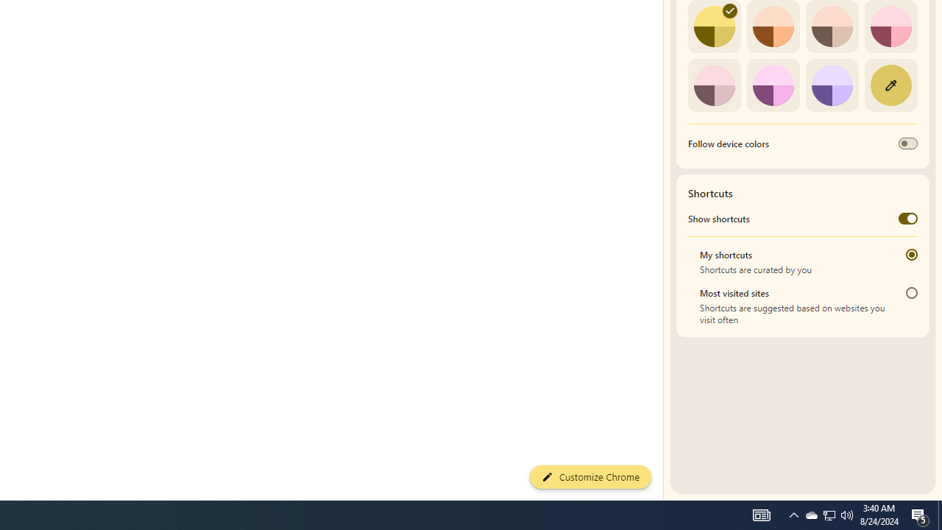 The image size is (942, 530). What do you see at coordinates (907, 219) in the screenshot?
I see `'Show shortcuts'` at bounding box center [907, 219].